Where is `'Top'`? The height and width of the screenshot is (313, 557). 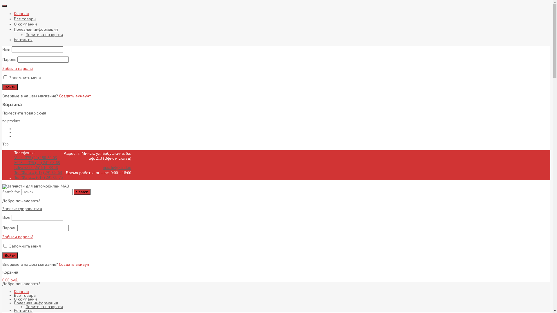
'Top' is located at coordinates (6, 144).